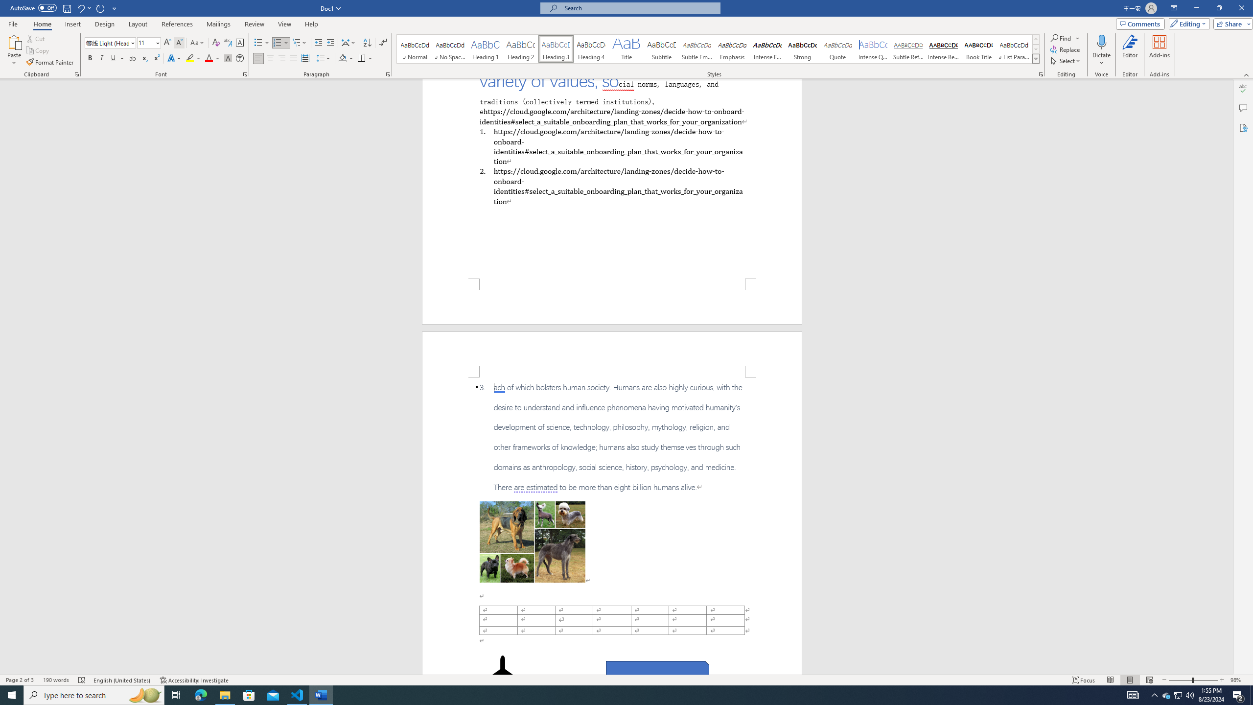  What do you see at coordinates (227, 43) in the screenshot?
I see `'Phonetic Guide...'` at bounding box center [227, 43].